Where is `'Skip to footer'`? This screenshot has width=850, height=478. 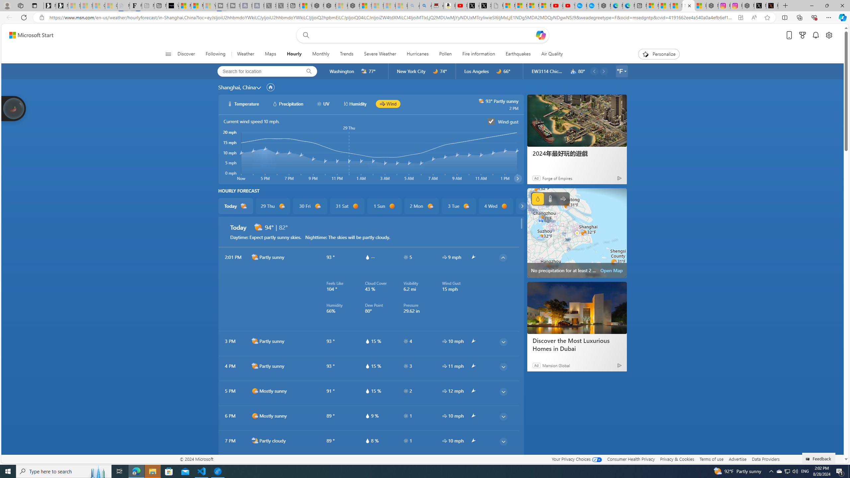 'Skip to footer' is located at coordinates (27, 35).